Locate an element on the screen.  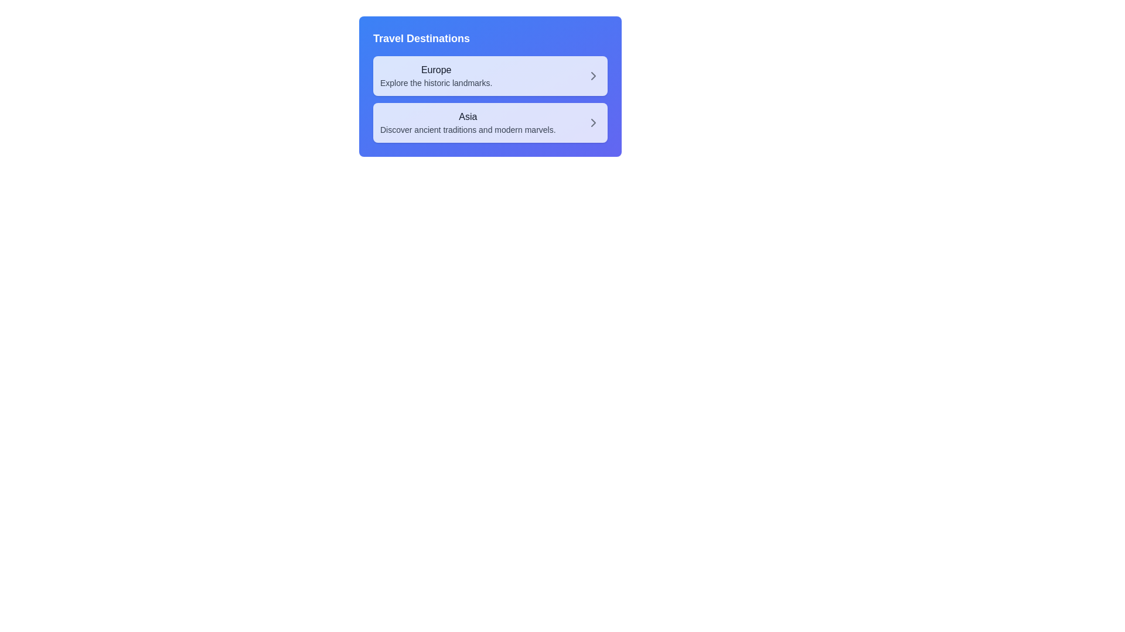
the text 'Explore the historic landmarks.' which is styled in a small, gray font and located beneath the header 'Europe' in the first card of the 'Travel Destinations' section is located at coordinates (435, 83).